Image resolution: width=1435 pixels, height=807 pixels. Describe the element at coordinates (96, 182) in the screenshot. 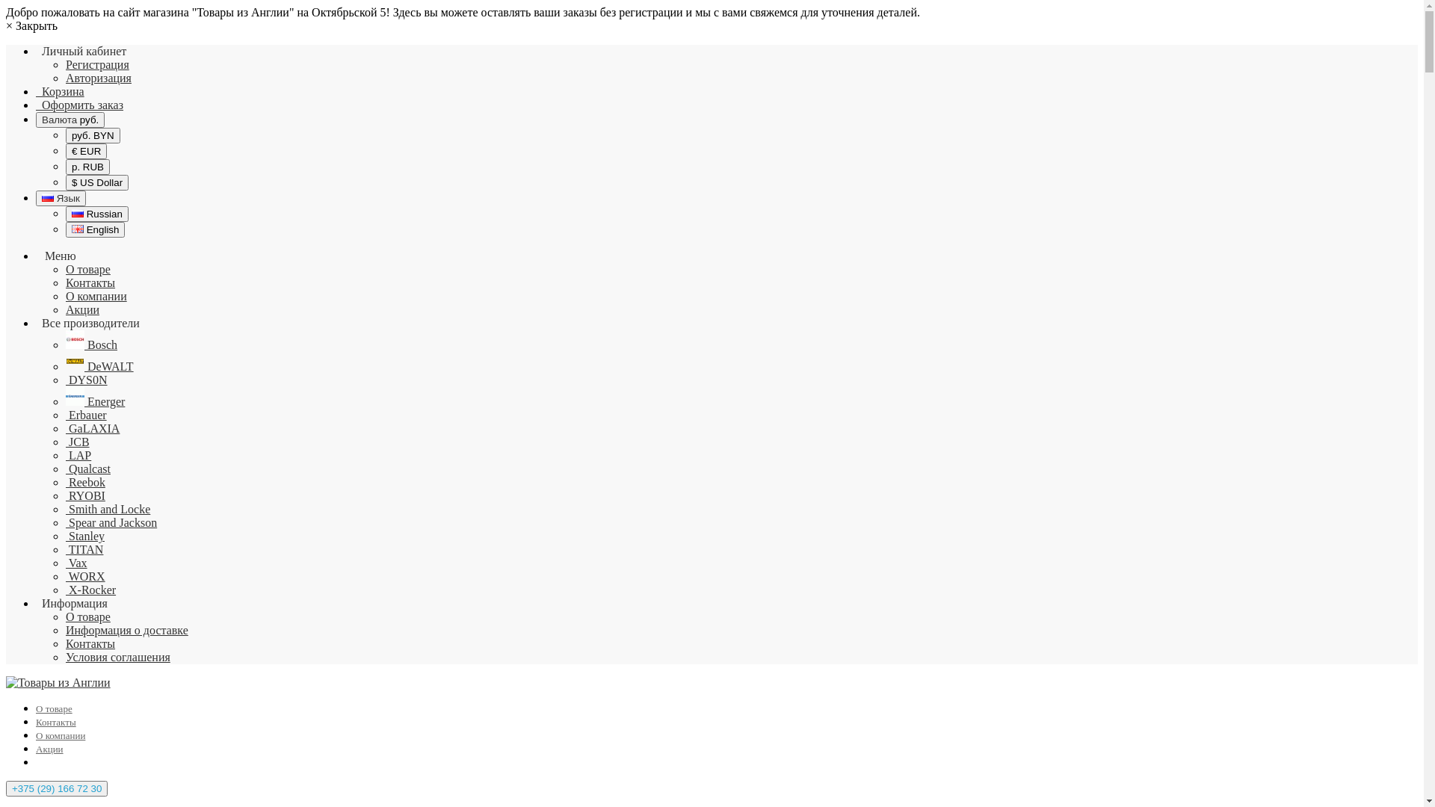

I see `'$ US Dollar'` at that location.